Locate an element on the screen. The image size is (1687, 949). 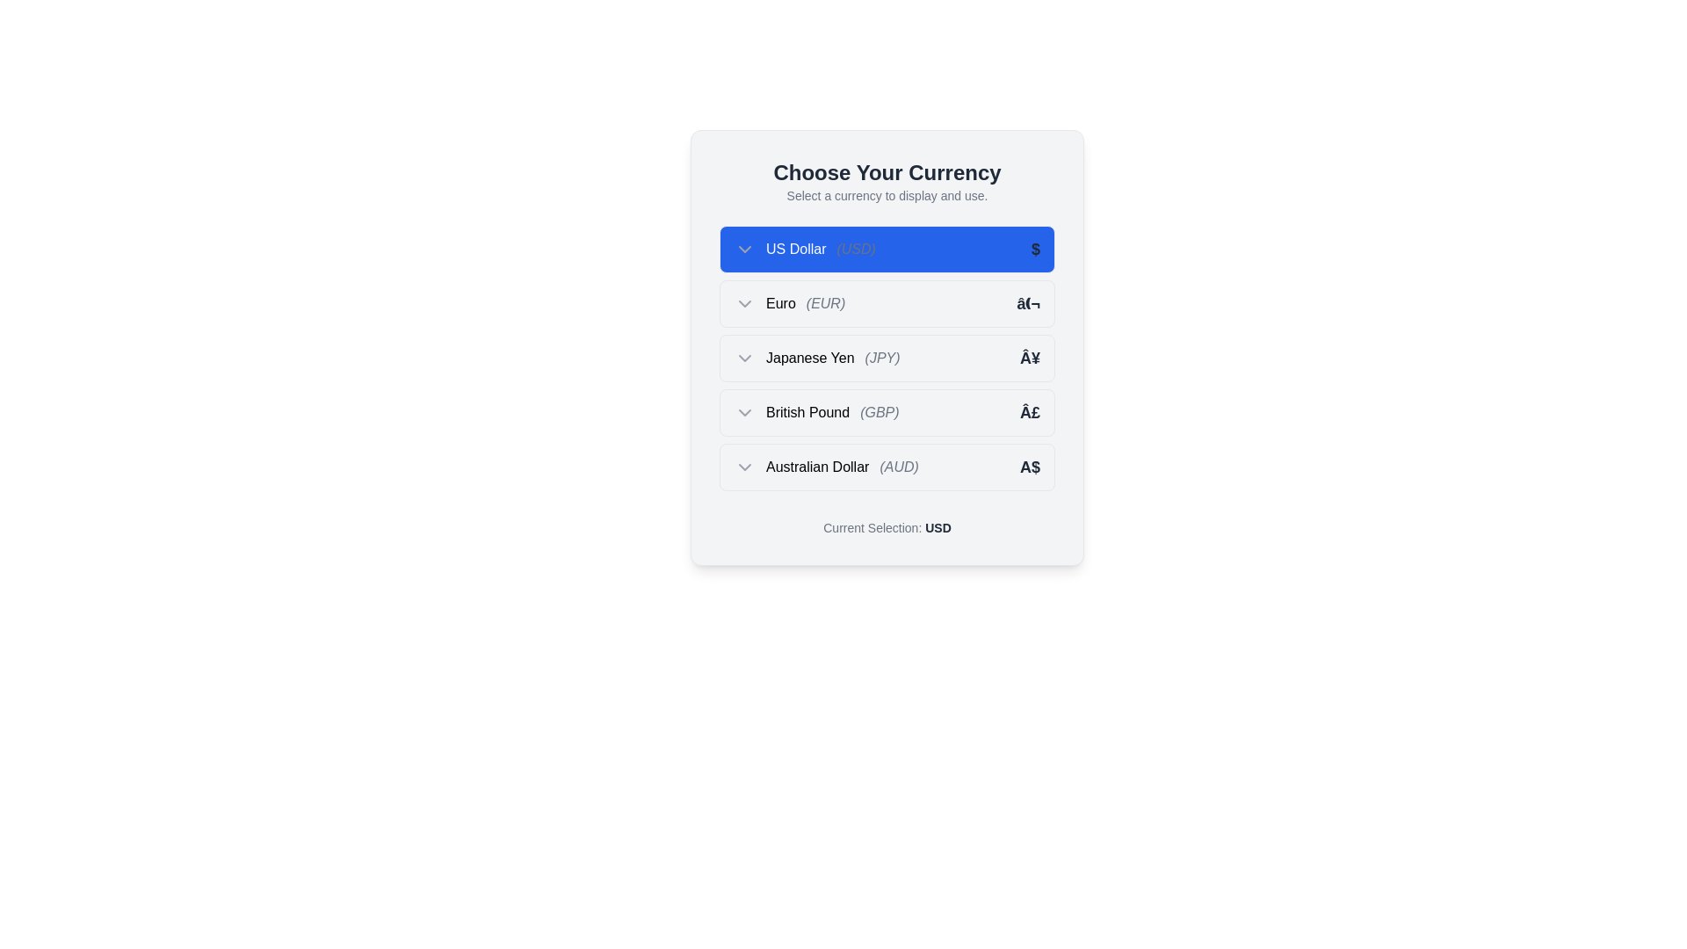
the label indicating the option to select 'Euro (EUR)' as the preferred currency, located below the 'US Dollar (USD)' item in the currency options list is located at coordinates (789, 303).